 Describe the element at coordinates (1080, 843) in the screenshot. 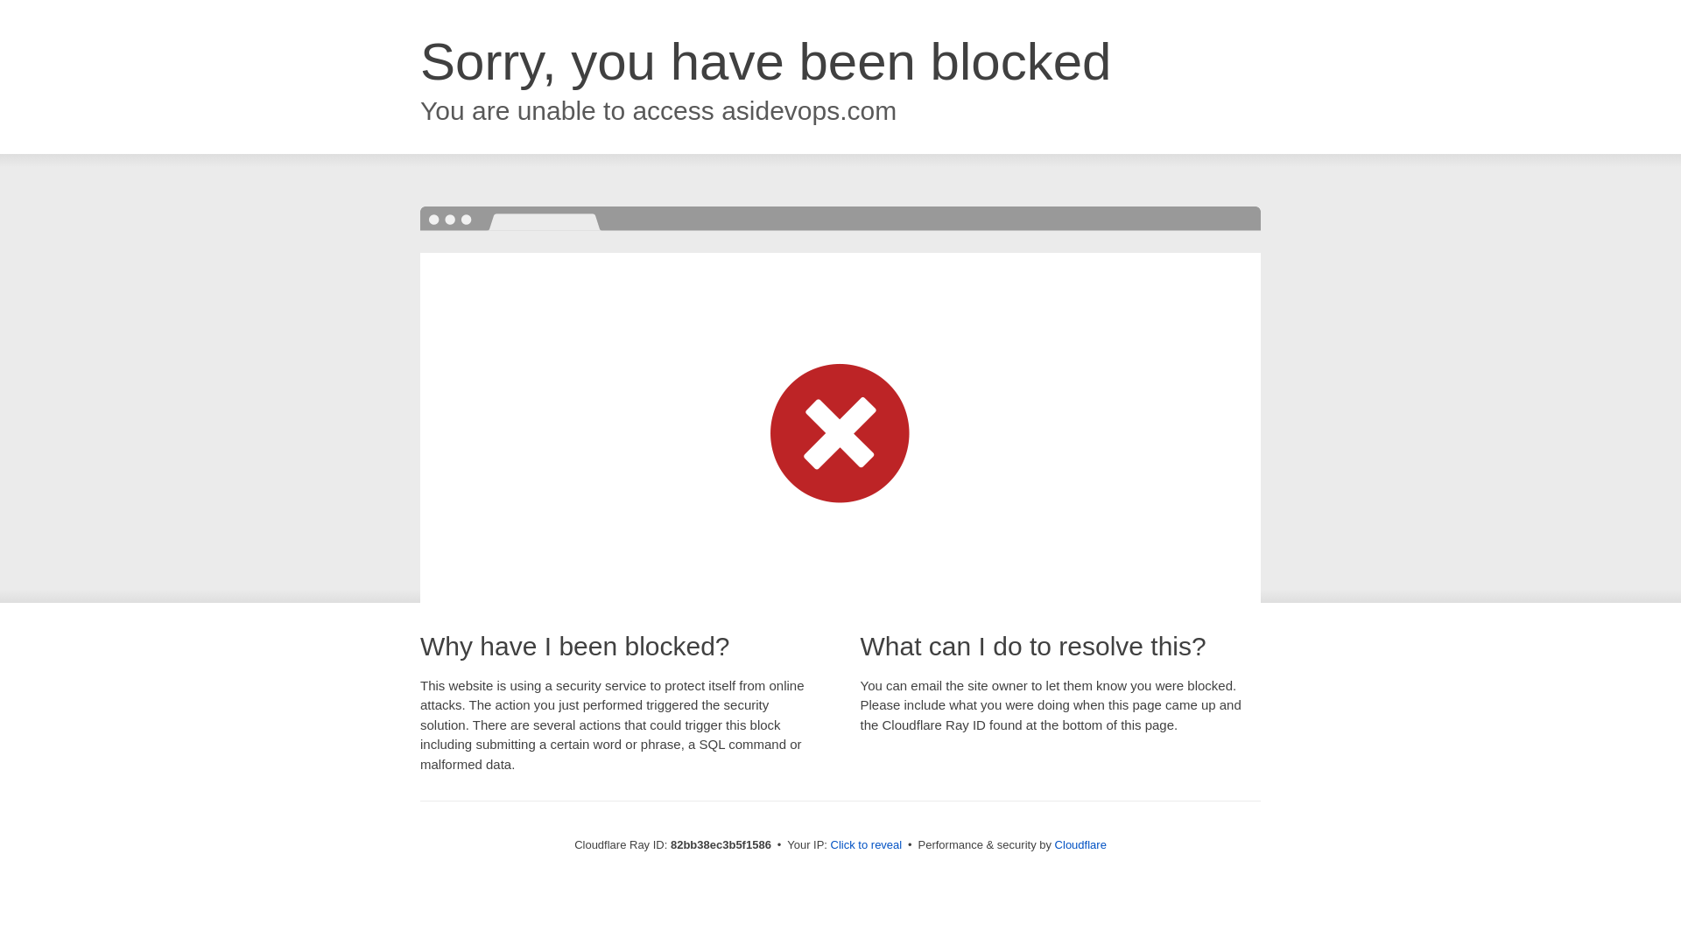

I see `'Cloudflare'` at that location.